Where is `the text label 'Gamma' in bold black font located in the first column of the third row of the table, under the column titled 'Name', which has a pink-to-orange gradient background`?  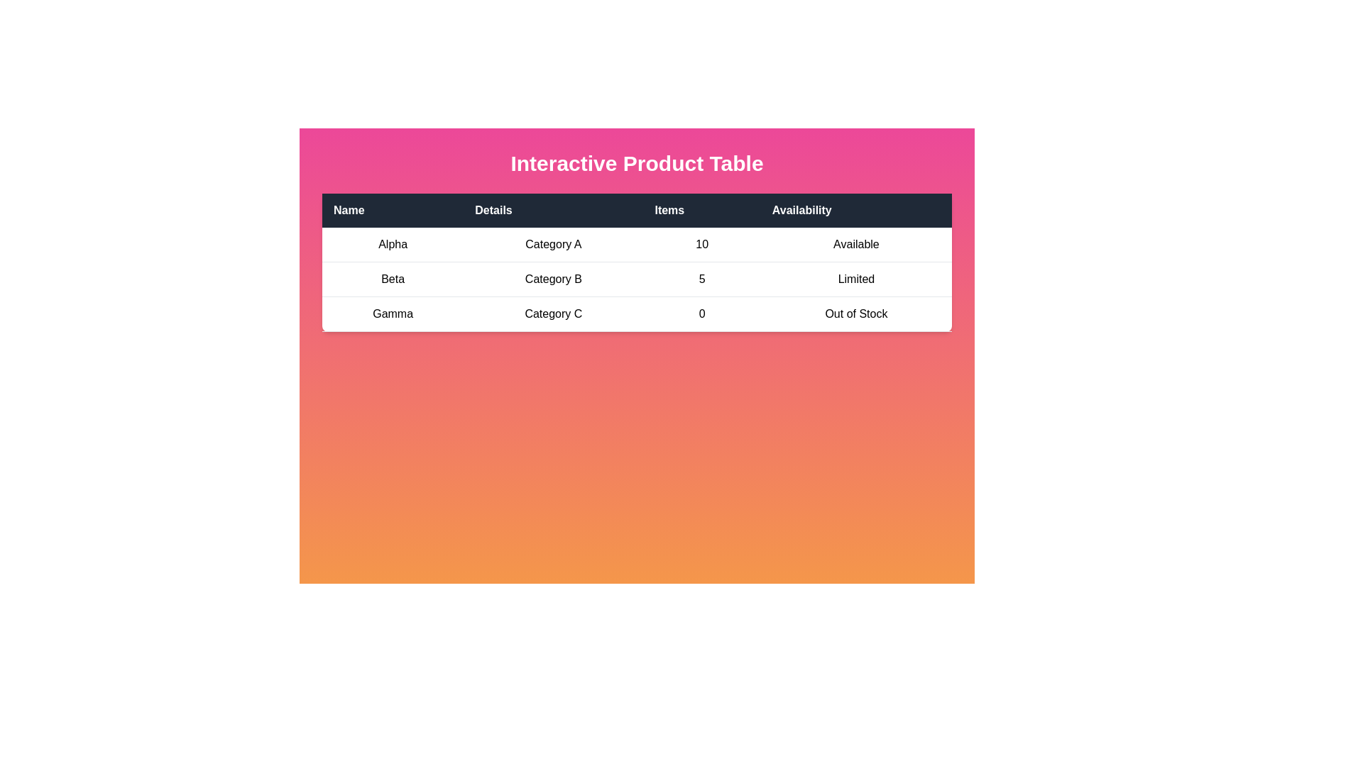 the text label 'Gamma' in bold black font located in the first column of the third row of the table, under the column titled 'Name', which has a pink-to-orange gradient background is located at coordinates (393, 313).